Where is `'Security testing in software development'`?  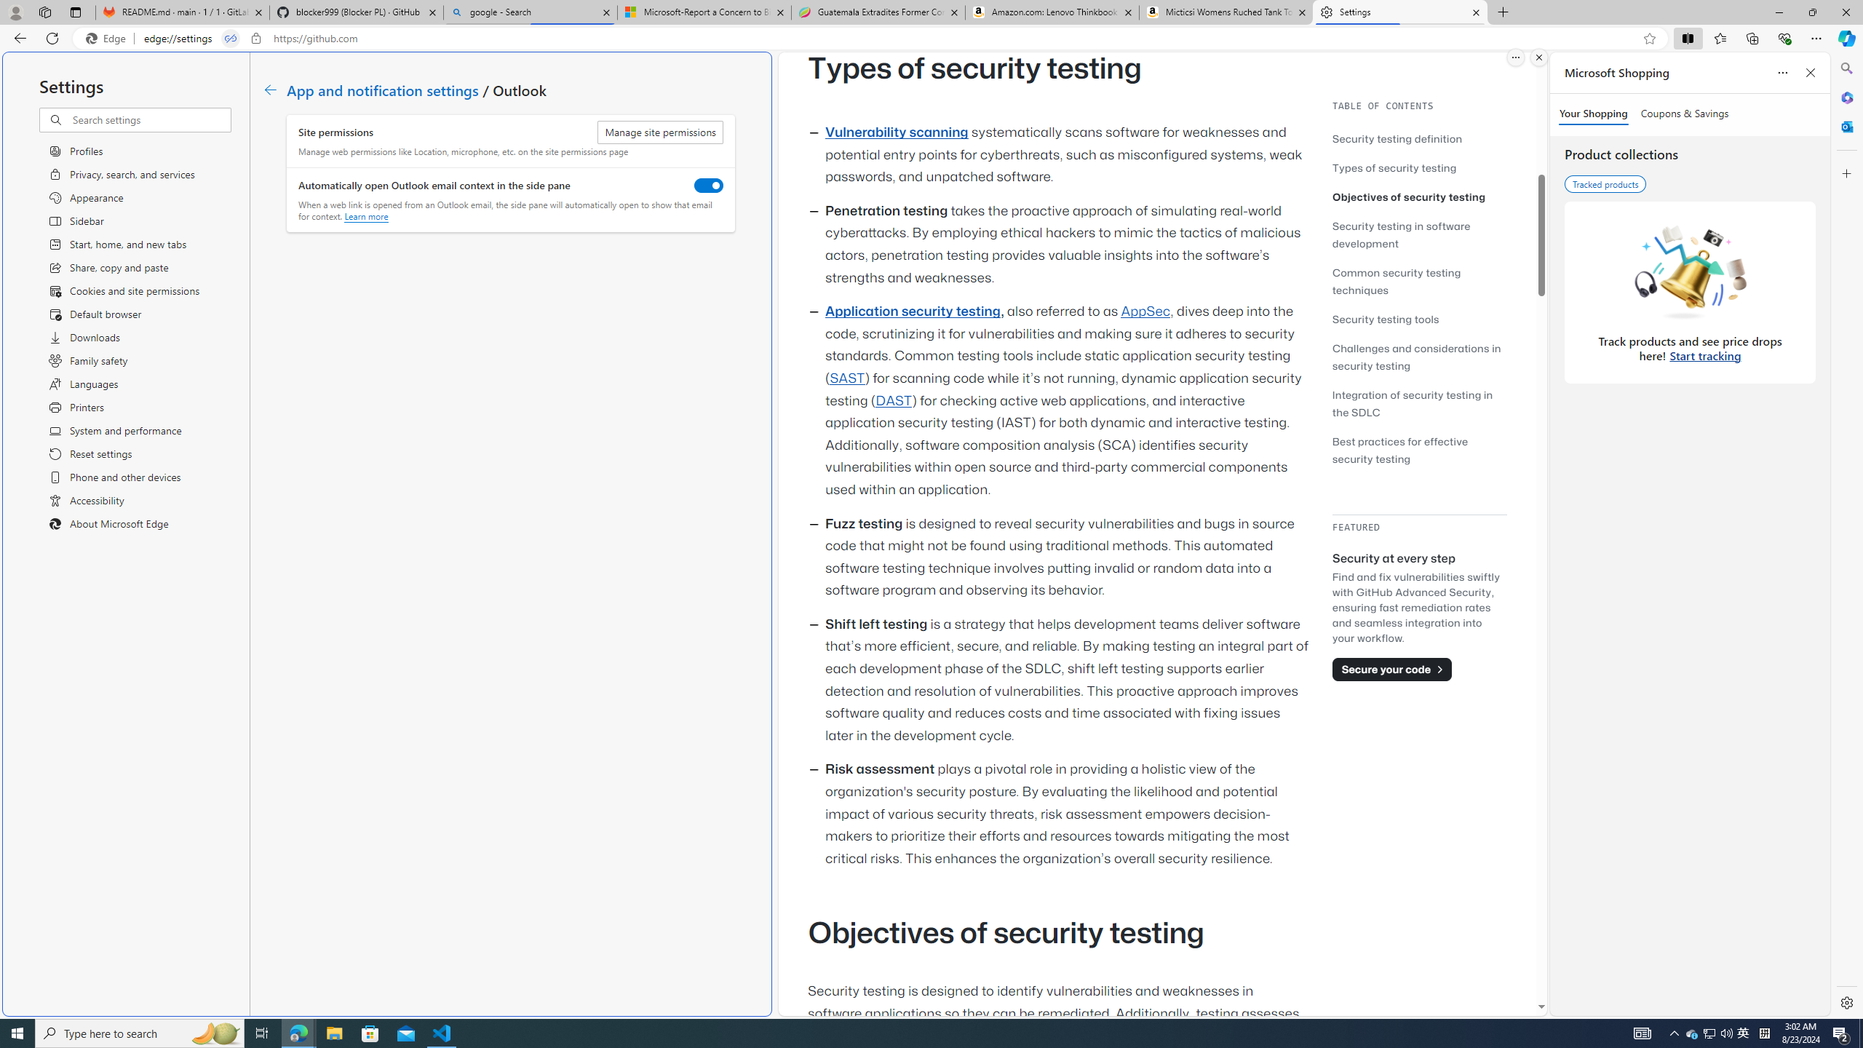 'Security testing in software development' is located at coordinates (1418, 234).